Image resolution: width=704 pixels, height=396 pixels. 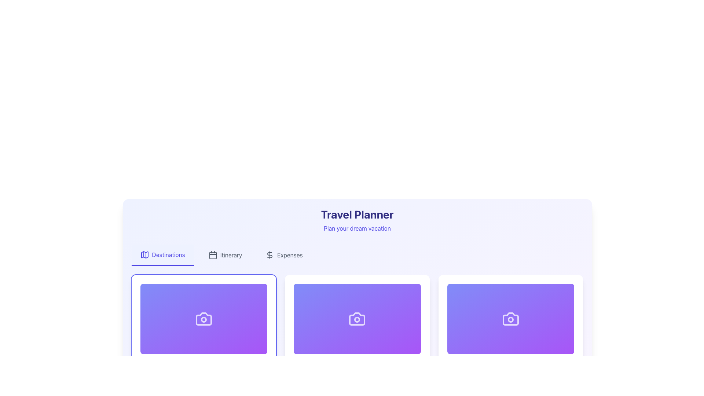 I want to click on the camera icon located within the rectangular purple gradient box, which is positioned in the second slot of a horizontal sequence below the header section of the interface, so click(x=510, y=319).